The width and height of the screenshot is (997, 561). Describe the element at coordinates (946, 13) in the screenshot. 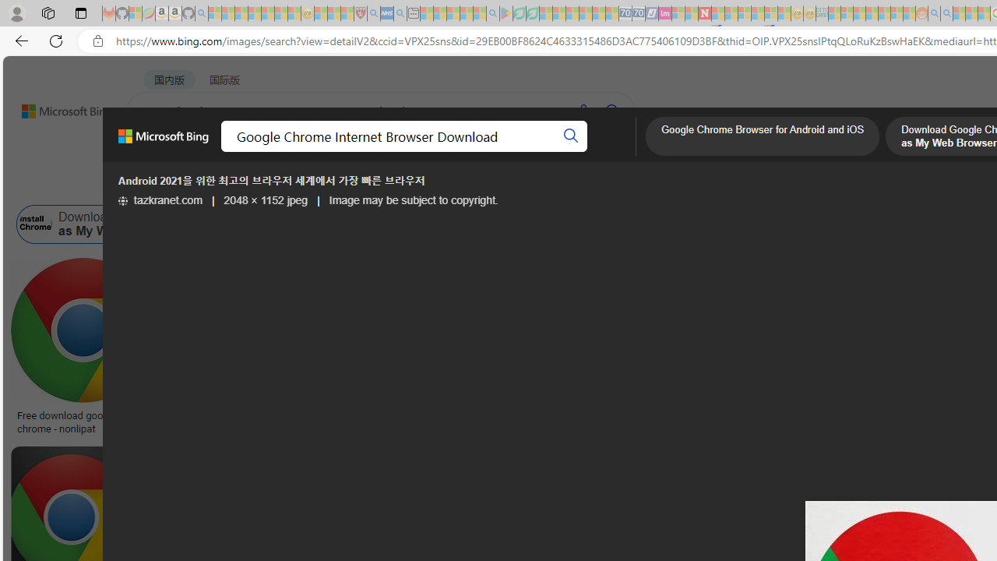

I see `'Utah sues federal government - Search - Sleeping'` at that location.